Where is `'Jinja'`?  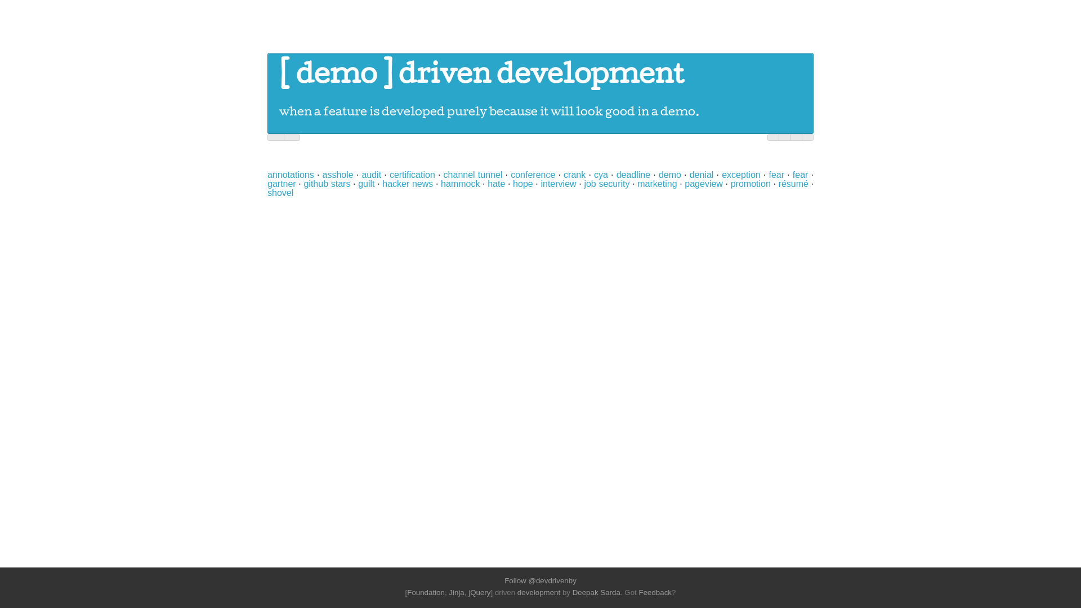
'Jinja' is located at coordinates (456, 592).